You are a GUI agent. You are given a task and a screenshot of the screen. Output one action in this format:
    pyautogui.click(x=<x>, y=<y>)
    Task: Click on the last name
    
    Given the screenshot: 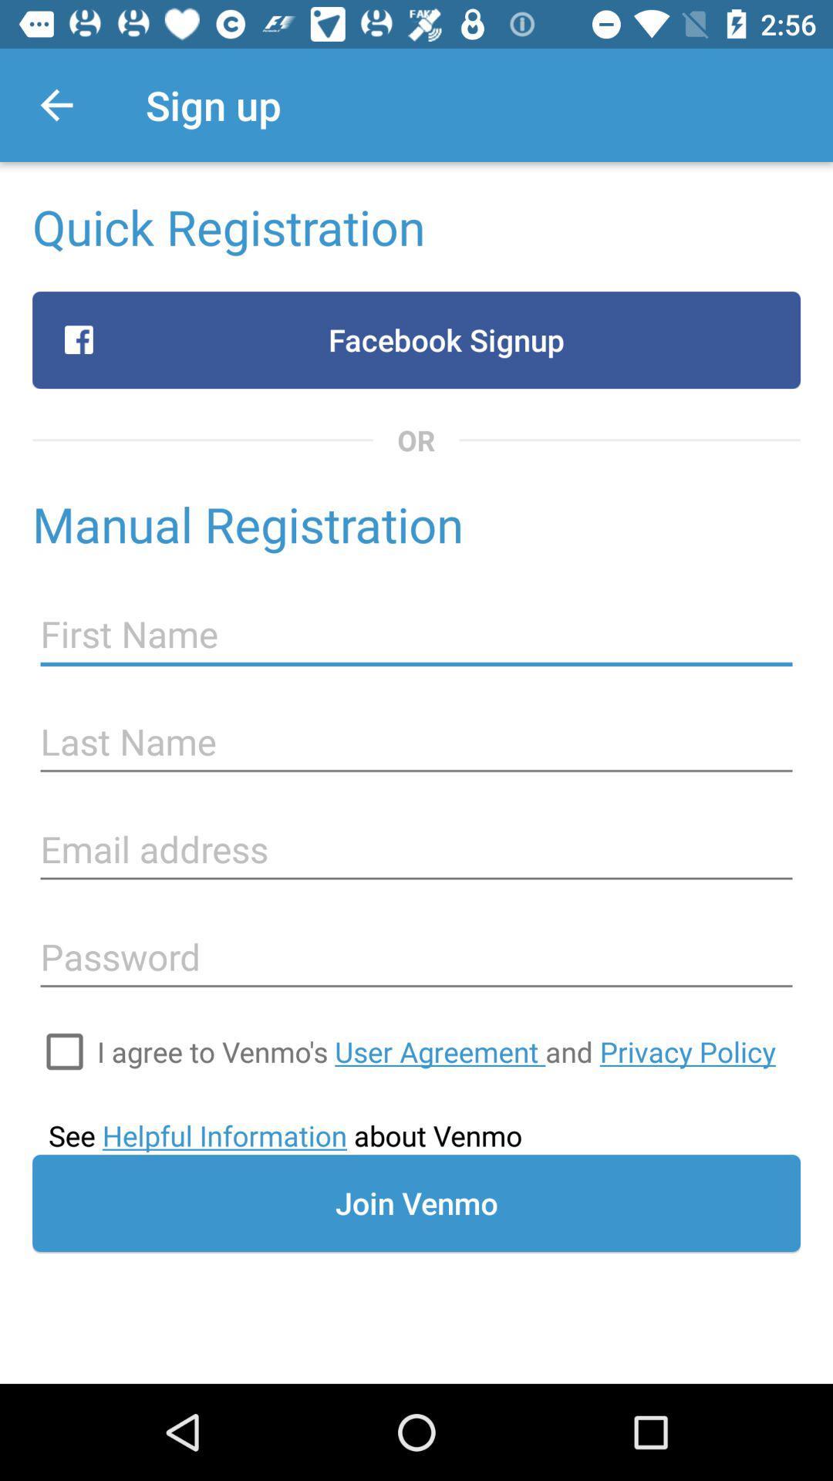 What is the action you would take?
    pyautogui.click(x=416, y=742)
    